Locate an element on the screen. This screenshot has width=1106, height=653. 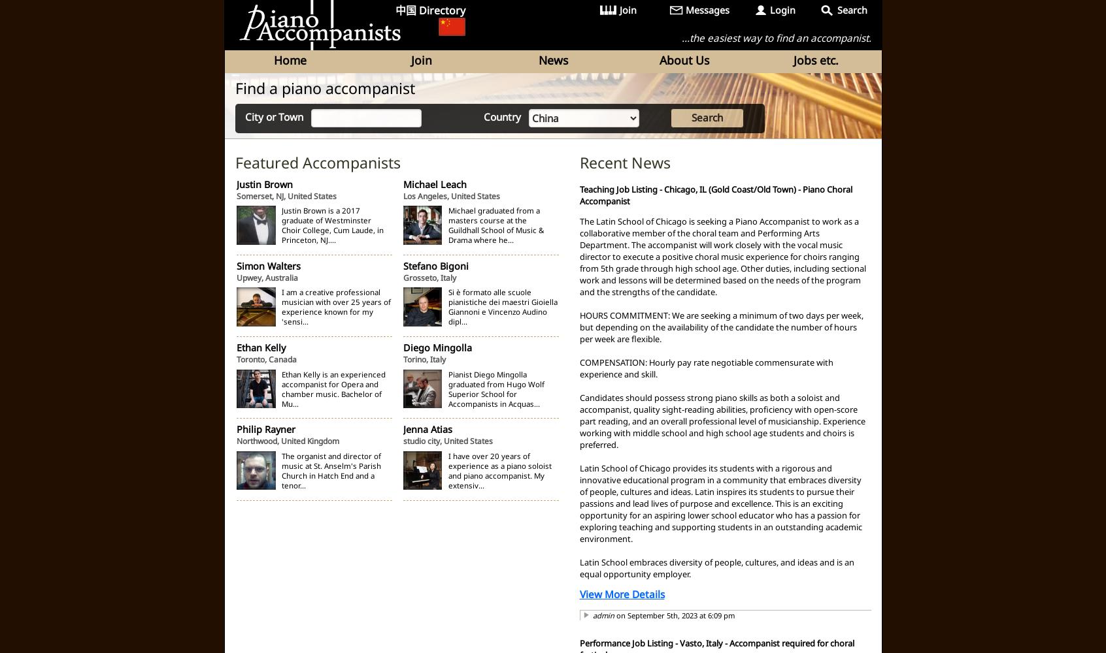
'Si è formato alle scuole pianistiche dei maestri Gioiella Giannoni e Vincenzo Audino dipl...' is located at coordinates (447, 306).